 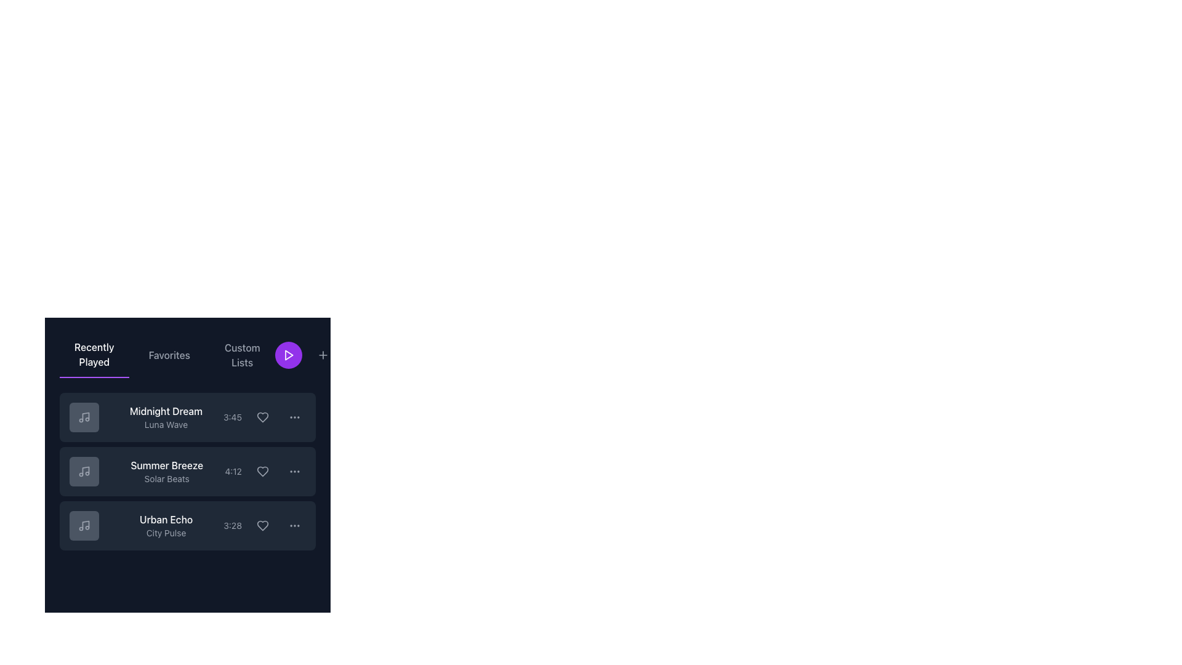 What do you see at coordinates (84, 417) in the screenshot?
I see `the musical icon representing the song 'Midnight Dream' by Luna Wave, located on the left side of the horizontal row in the list of recently played items` at bounding box center [84, 417].